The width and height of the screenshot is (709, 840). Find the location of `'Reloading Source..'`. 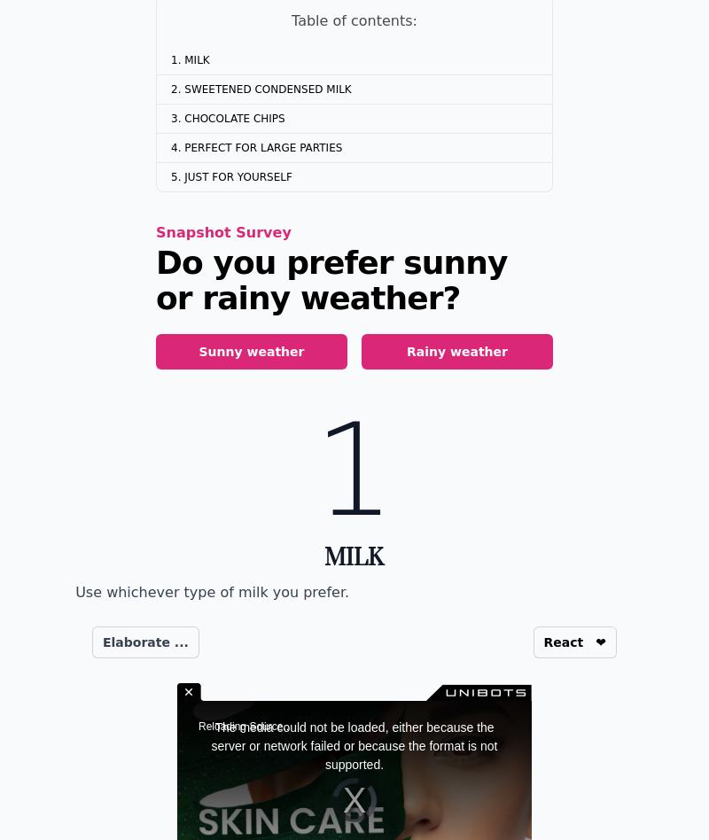

'Reloading Source..' is located at coordinates (244, 725).